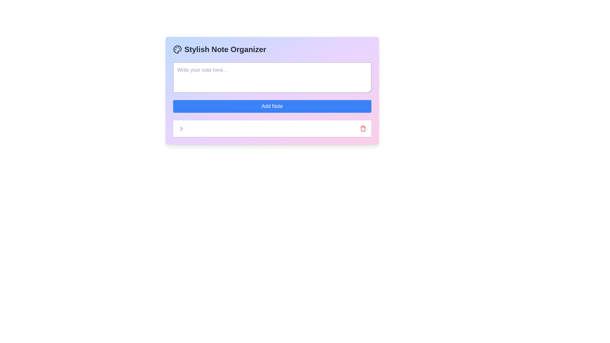 The height and width of the screenshot is (343, 610). What do you see at coordinates (177, 49) in the screenshot?
I see `the painter's palette icon located to the left of the 'Stylish Note Organizer' text in the header section of the note organizer interface` at bounding box center [177, 49].